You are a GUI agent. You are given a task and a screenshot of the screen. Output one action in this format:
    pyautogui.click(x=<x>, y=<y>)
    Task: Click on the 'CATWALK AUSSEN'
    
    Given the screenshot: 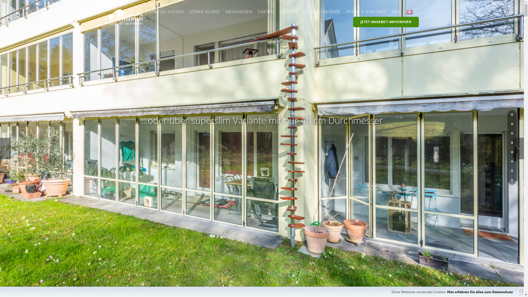 What is the action you would take?
    pyautogui.click(x=164, y=12)
    